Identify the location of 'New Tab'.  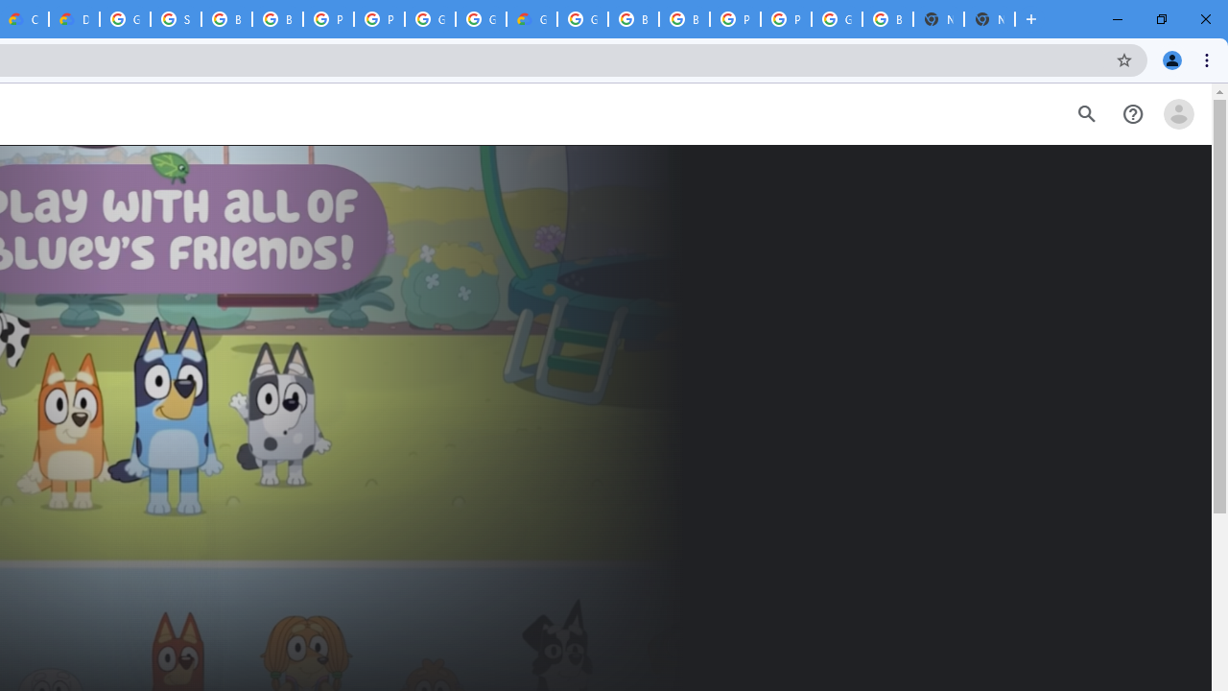
(989, 19).